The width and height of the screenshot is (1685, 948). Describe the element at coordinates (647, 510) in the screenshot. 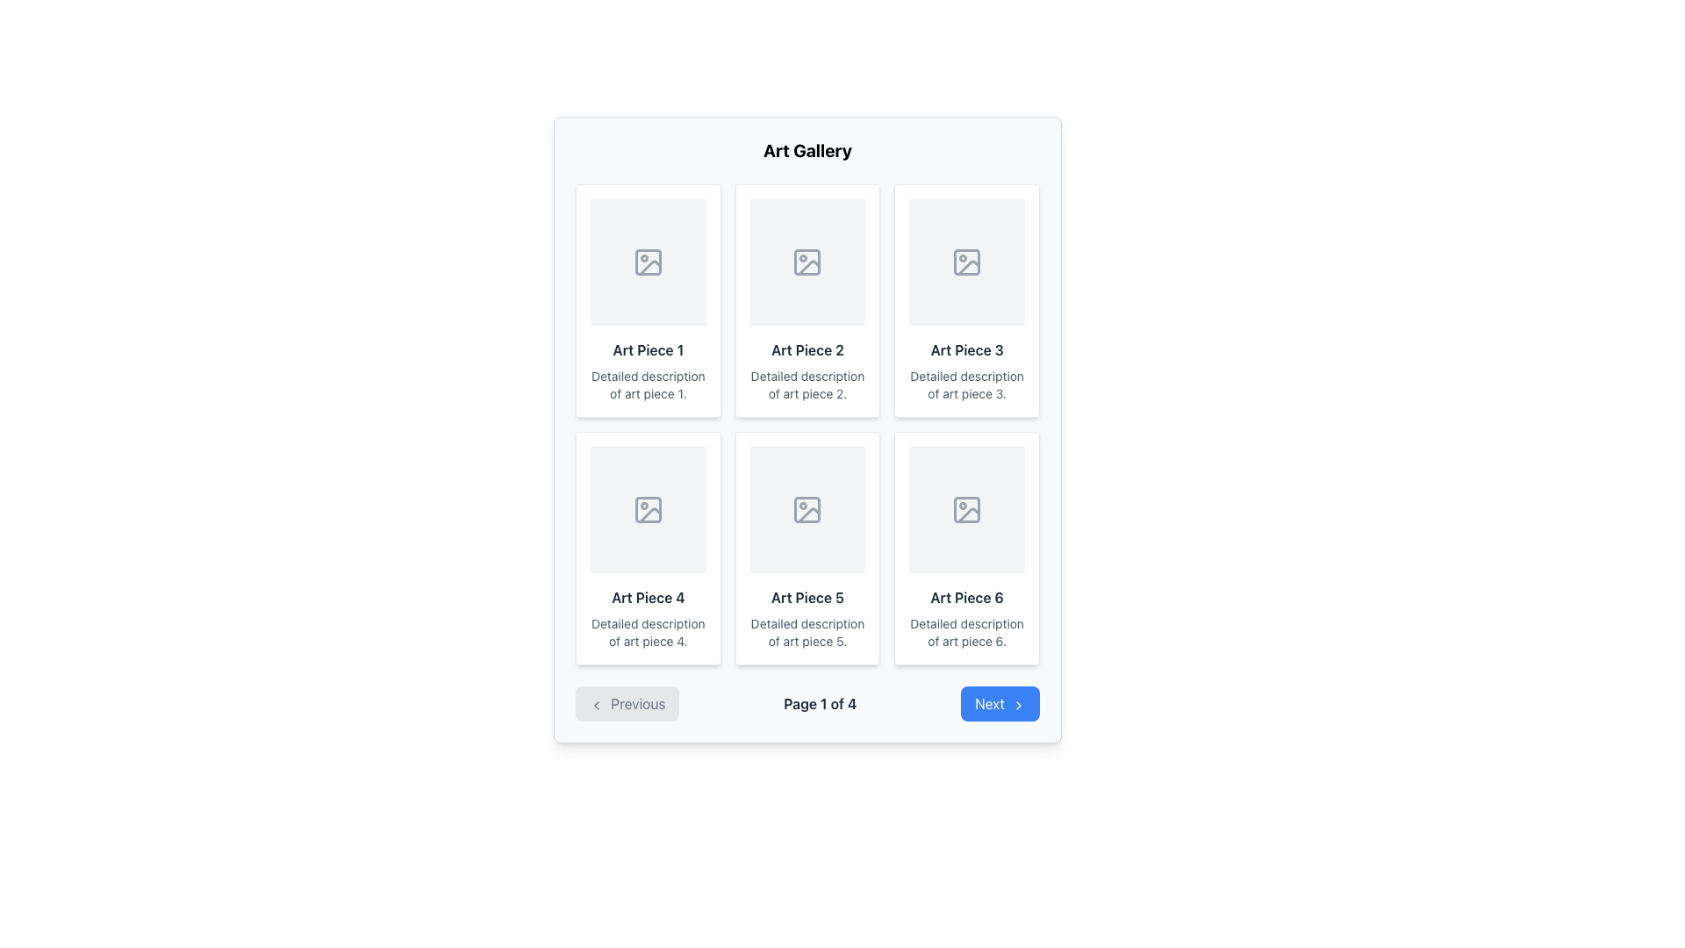

I see `the SVG icon located in the bottom-left cell of the grid, beneath 'Art Piece 1' and adjacent to 'Art Piece 5'` at that location.